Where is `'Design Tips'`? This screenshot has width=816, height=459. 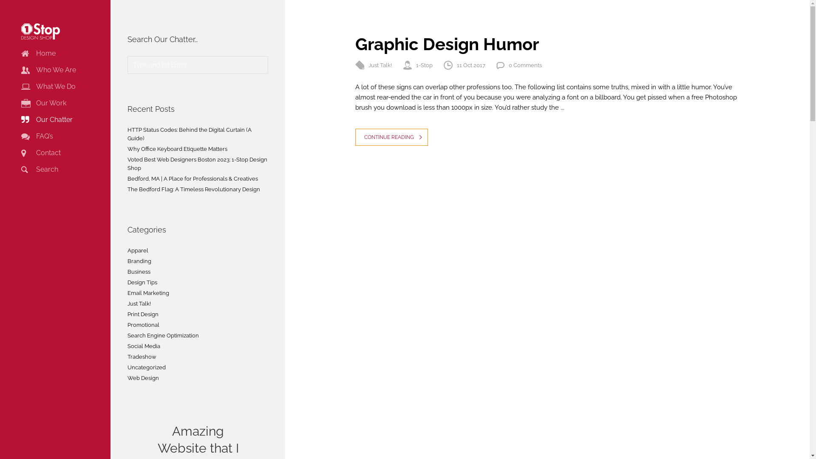 'Design Tips' is located at coordinates (142, 282).